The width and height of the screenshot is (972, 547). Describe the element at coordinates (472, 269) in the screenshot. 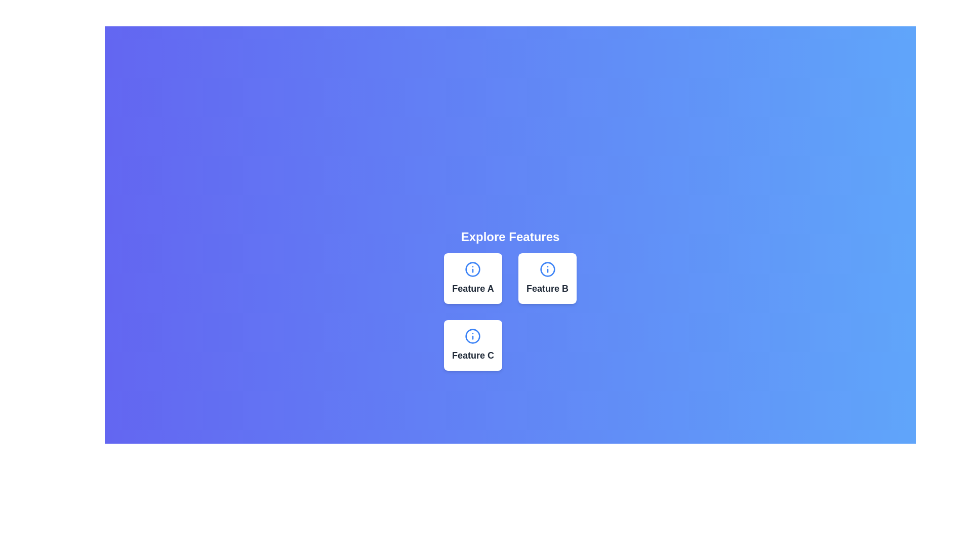

I see `the blue information icon with a circular border located above the text 'Feature A' in the top-left card of a 2x2 grid layout` at that location.